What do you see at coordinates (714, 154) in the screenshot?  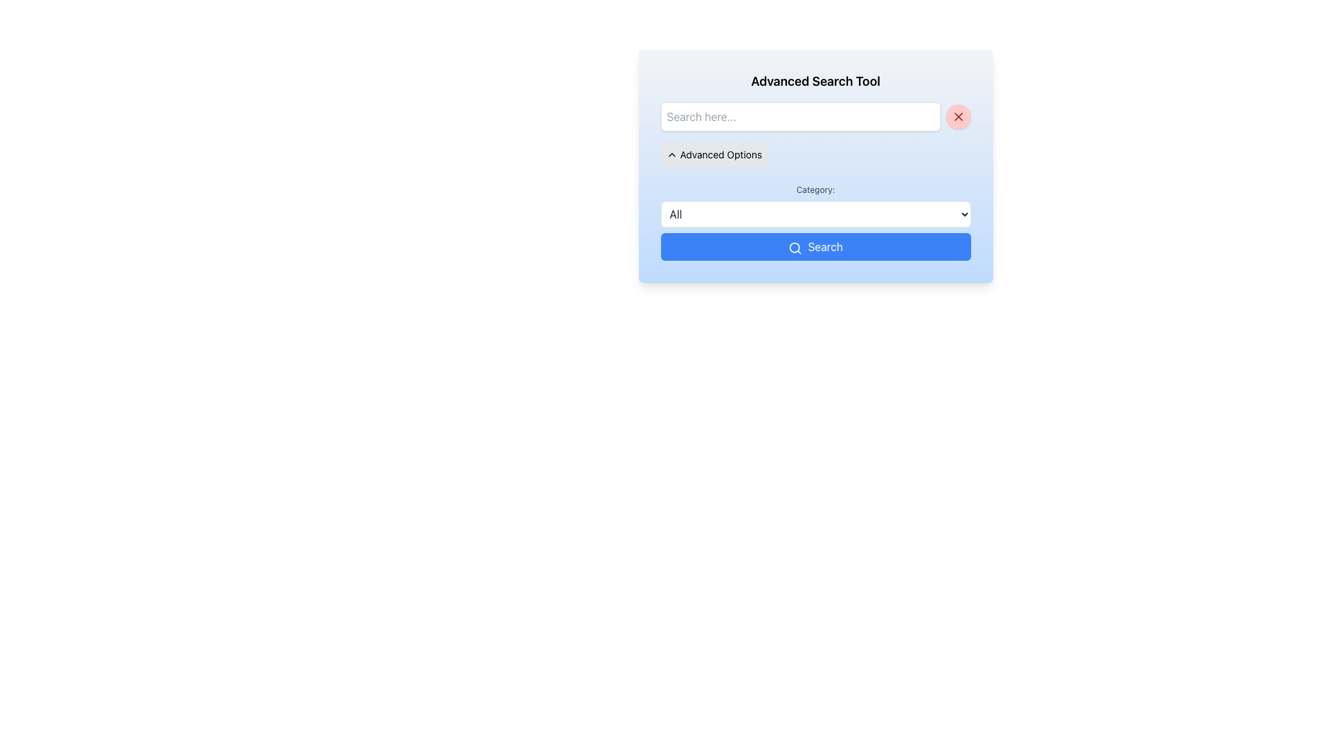 I see `the 'Advanced Options' button, which has a light gray background and a chevron-up icon next to the text` at bounding box center [714, 154].